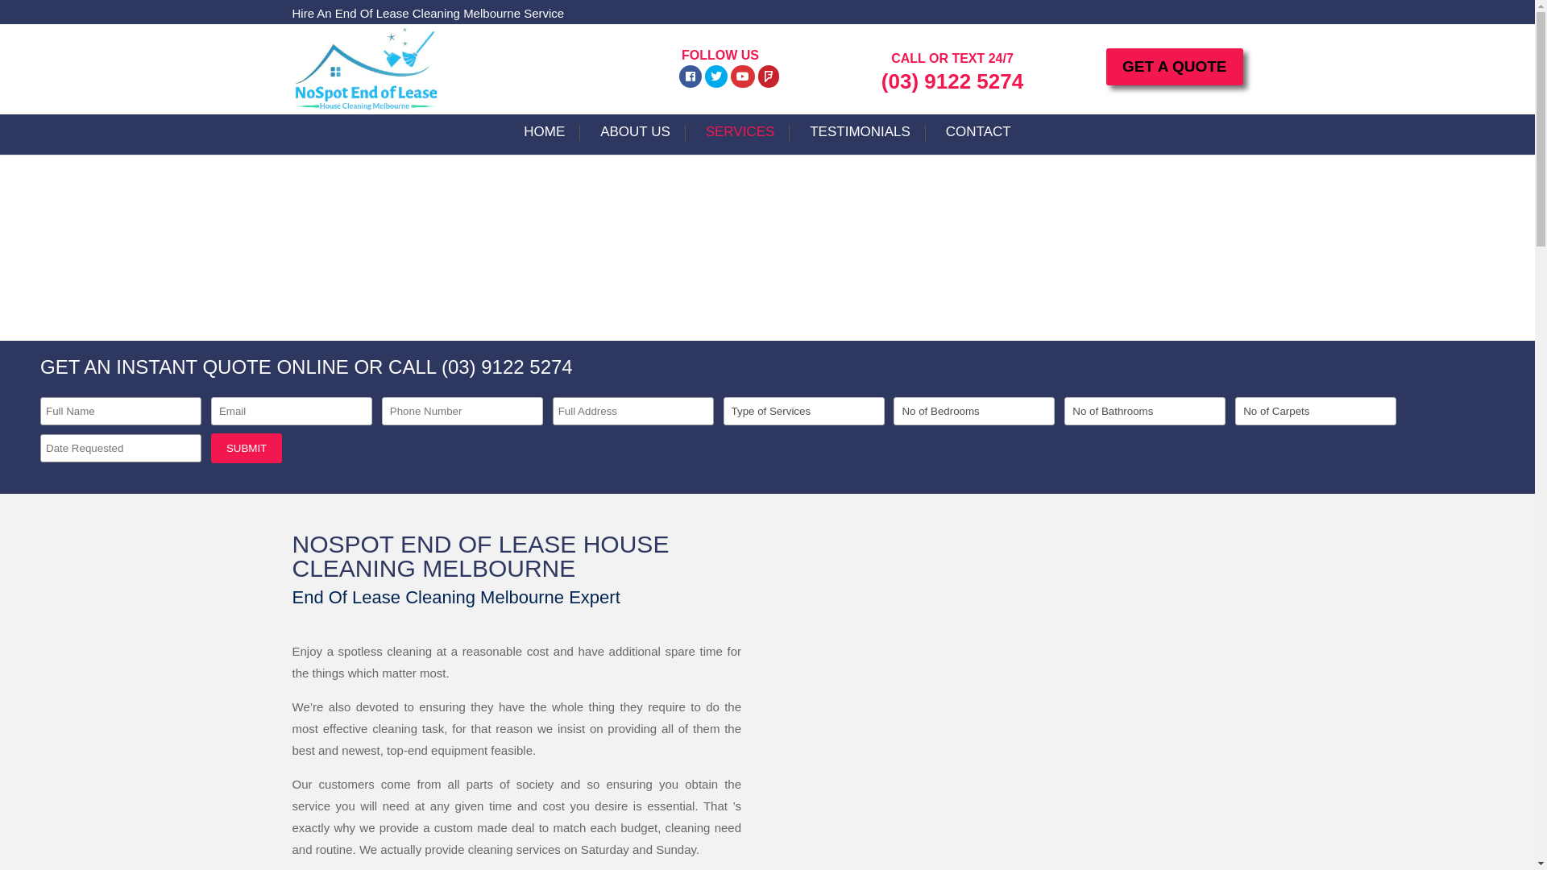 The image size is (1547, 870). Describe the element at coordinates (634, 139) in the screenshot. I see `'ABOUT US'` at that location.